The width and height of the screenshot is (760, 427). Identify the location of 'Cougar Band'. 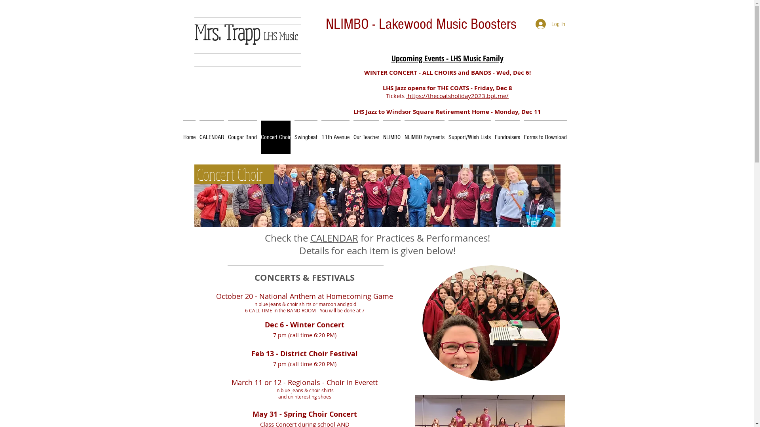
(241, 137).